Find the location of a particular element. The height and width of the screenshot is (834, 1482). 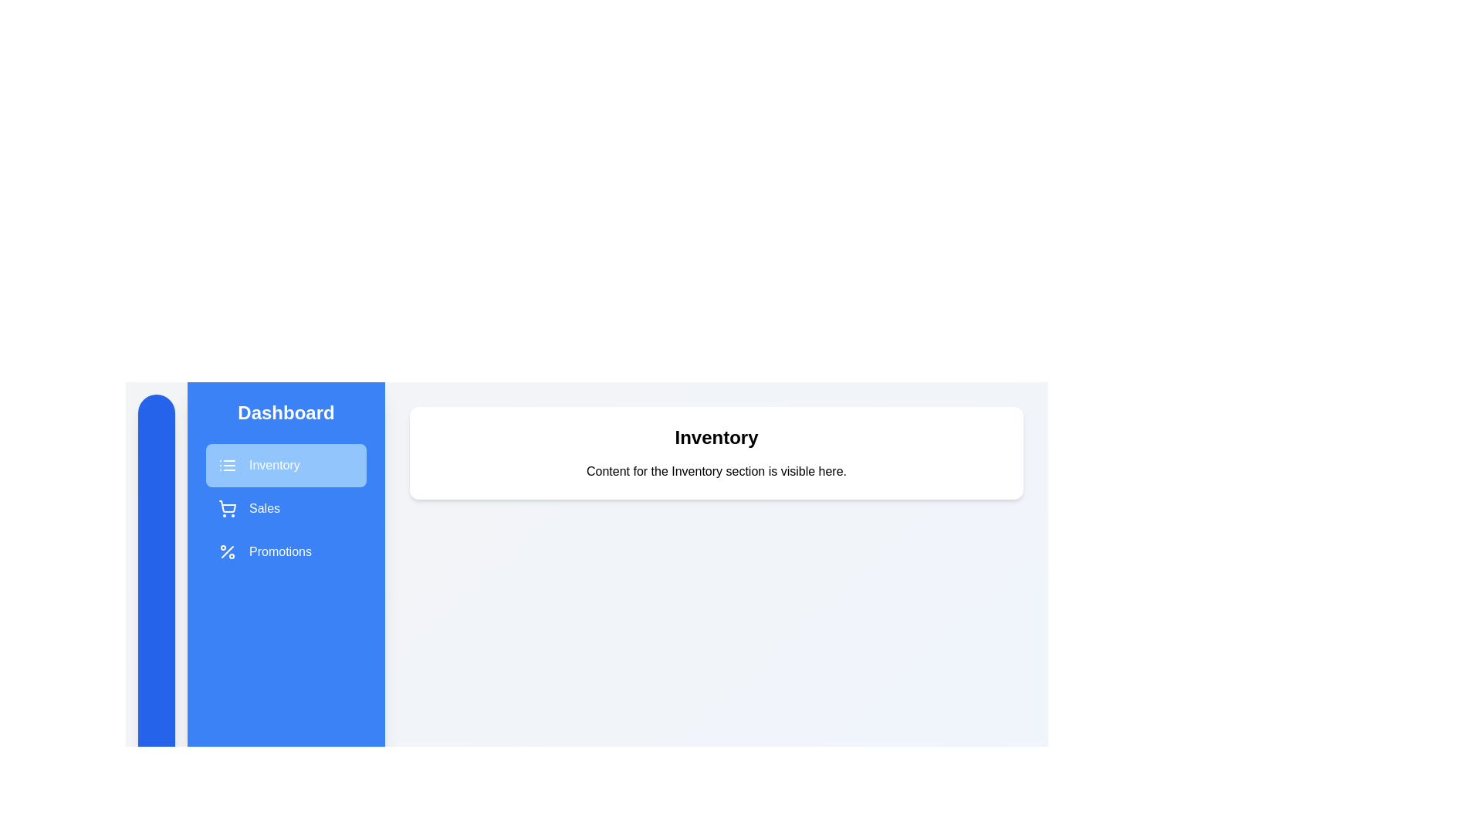

the sidebar item Inventory is located at coordinates (286, 464).